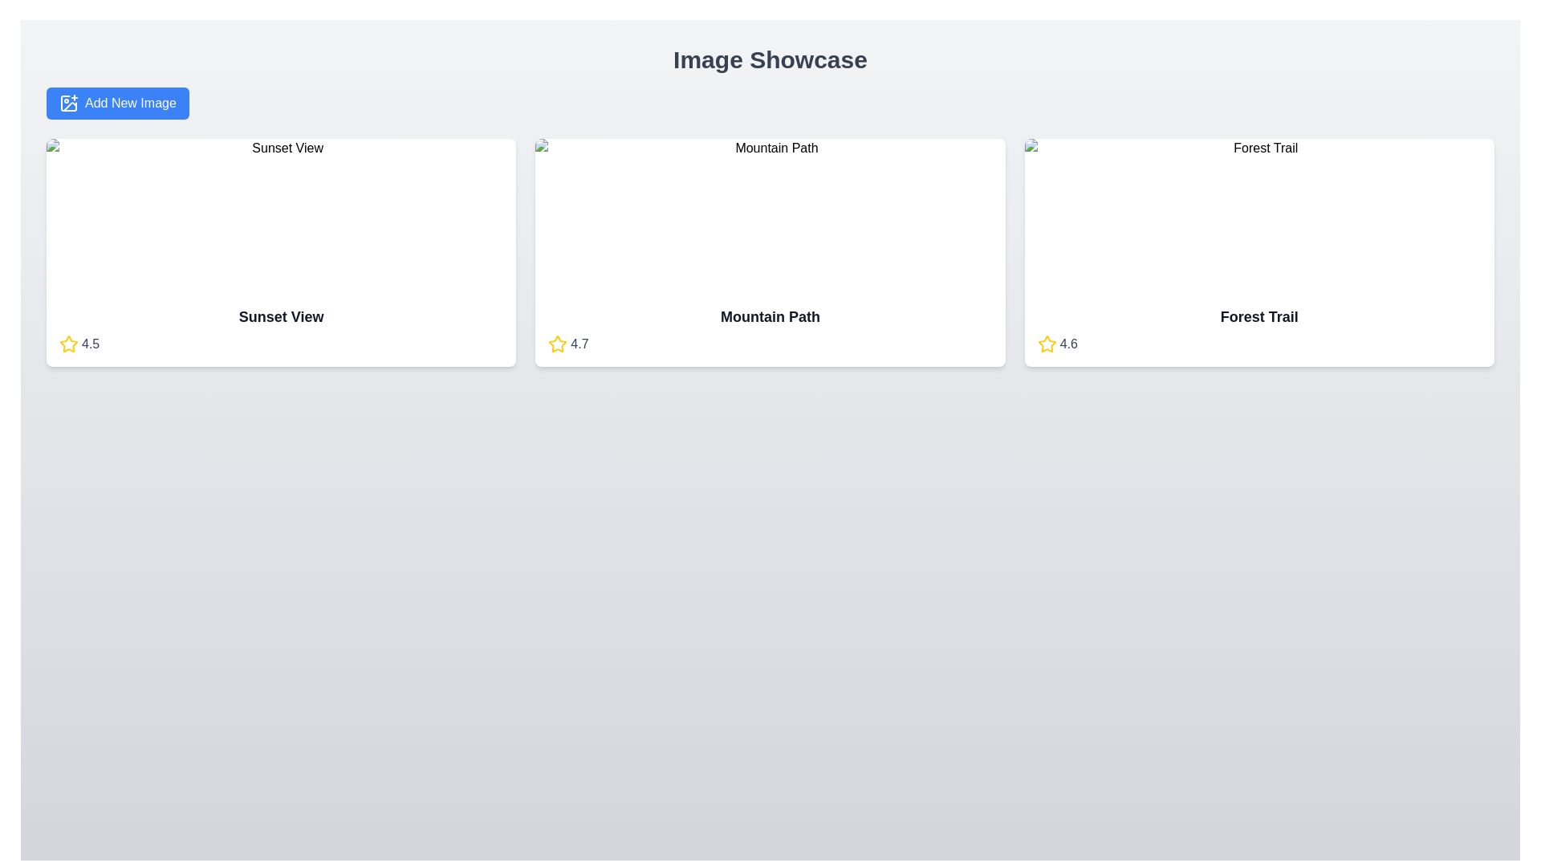 This screenshot has height=867, width=1541. I want to click on the decorative image in the 'Forest Trail' card, which is the top element of the card layout, so click(1258, 215).